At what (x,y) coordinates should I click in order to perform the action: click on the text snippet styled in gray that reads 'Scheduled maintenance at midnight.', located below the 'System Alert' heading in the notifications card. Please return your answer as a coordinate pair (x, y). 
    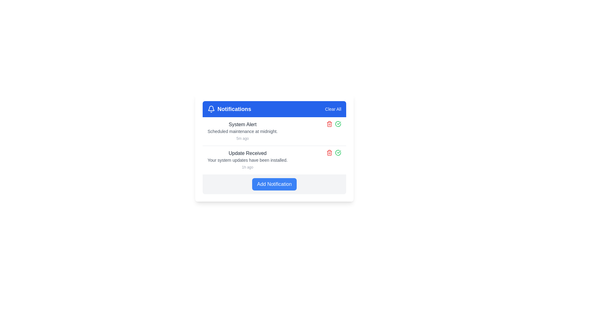
    Looking at the image, I should click on (242, 131).